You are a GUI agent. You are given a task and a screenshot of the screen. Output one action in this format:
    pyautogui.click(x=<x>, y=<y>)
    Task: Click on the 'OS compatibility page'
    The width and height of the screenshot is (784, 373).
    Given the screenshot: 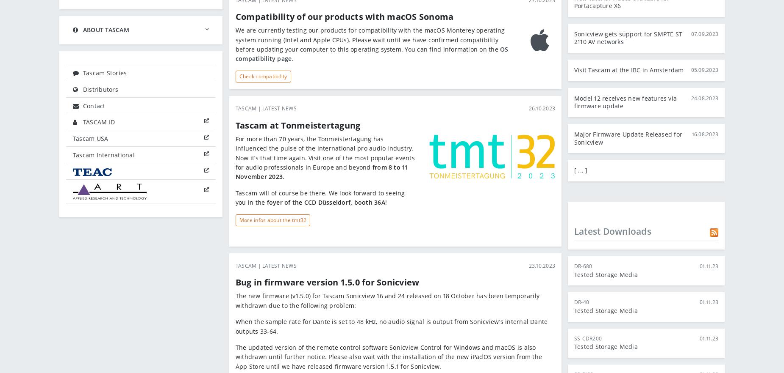 What is the action you would take?
    pyautogui.click(x=372, y=54)
    